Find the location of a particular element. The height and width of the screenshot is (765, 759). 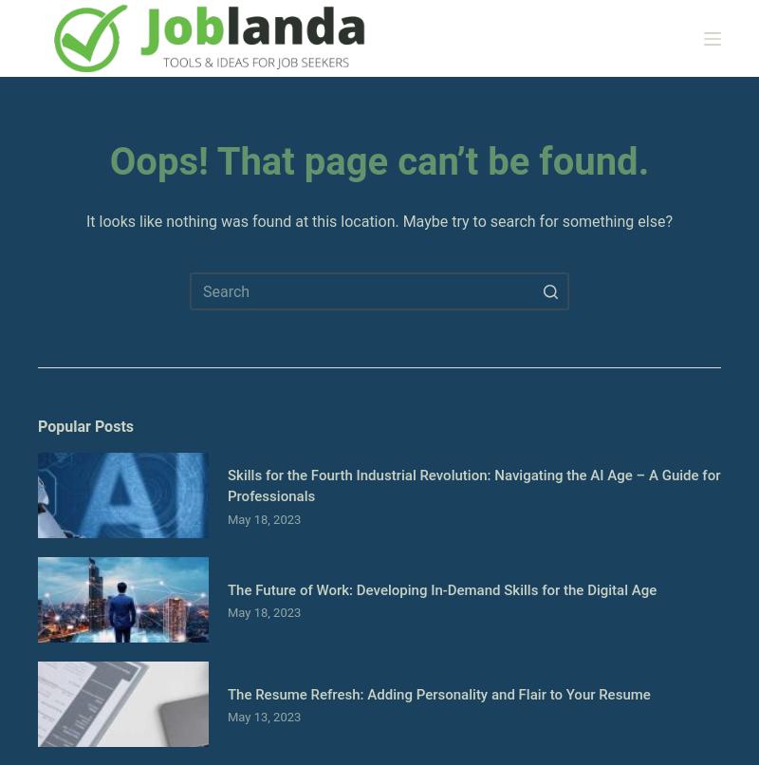

'Our Mission' is located at coordinates (79, 375).